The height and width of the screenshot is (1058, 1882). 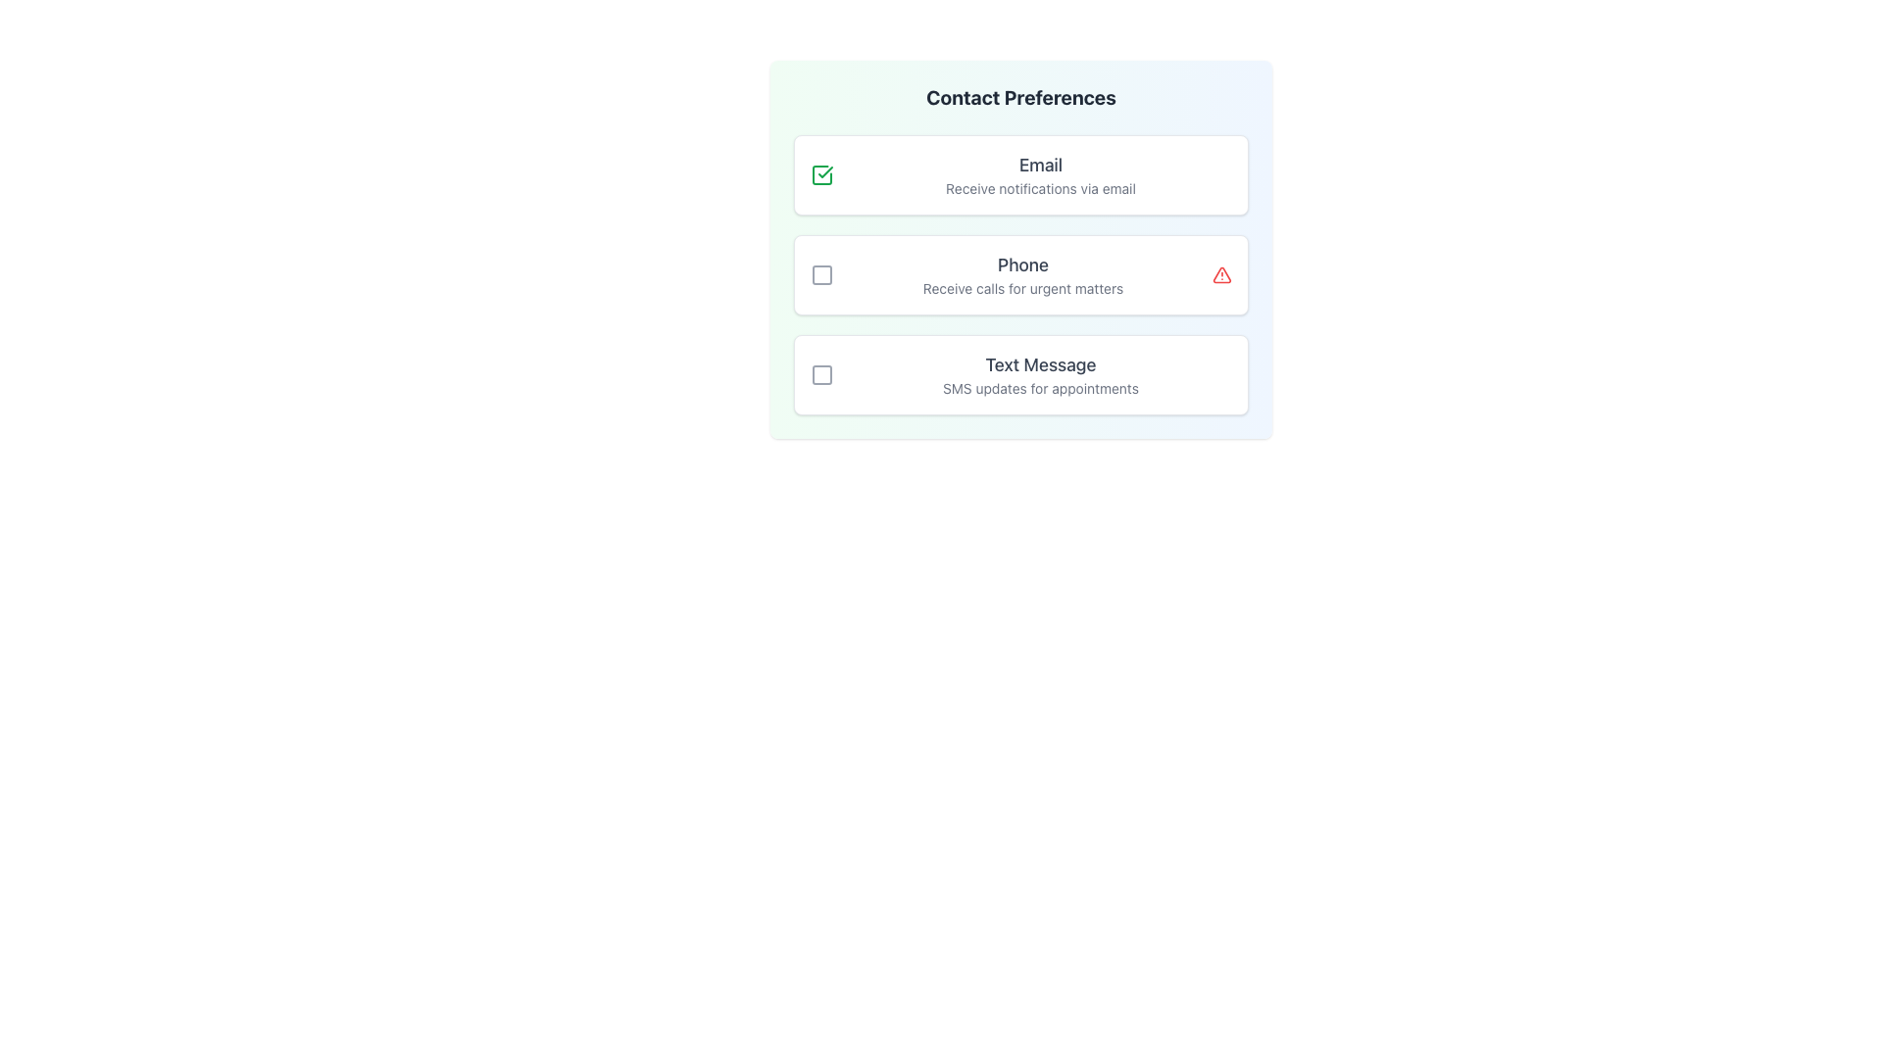 What do you see at coordinates (1039, 188) in the screenshot?
I see `the text label that says 'Receive notifications via email', which is styled in gray and located below the 'Email' label in the 'Contact Preferences' section` at bounding box center [1039, 188].